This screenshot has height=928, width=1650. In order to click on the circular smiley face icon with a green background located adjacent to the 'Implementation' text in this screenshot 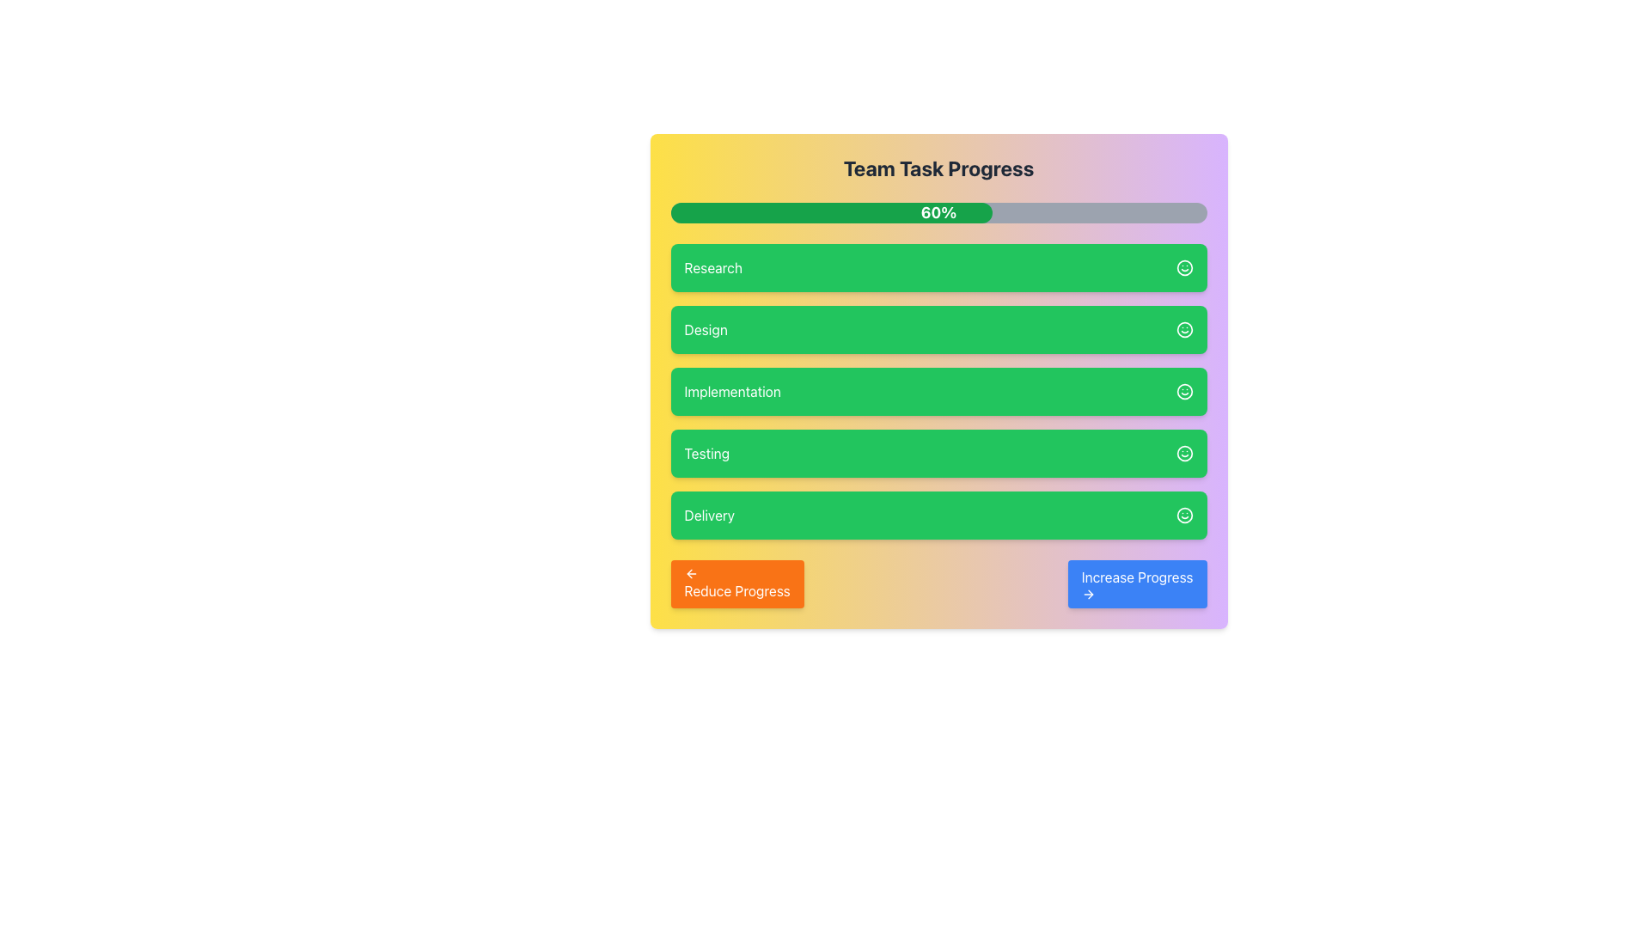, I will do `click(1183, 391)`.